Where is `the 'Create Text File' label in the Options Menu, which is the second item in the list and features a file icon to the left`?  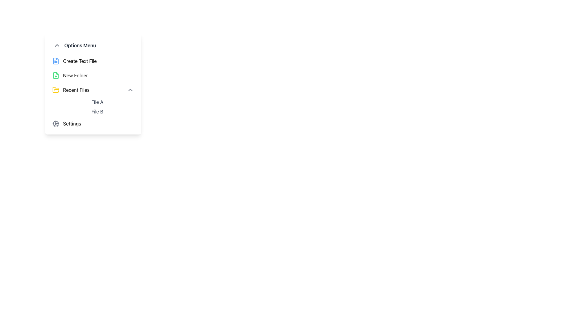
the 'Create Text File' label in the Options Menu, which is the second item in the list and features a file icon to the left is located at coordinates (80, 61).